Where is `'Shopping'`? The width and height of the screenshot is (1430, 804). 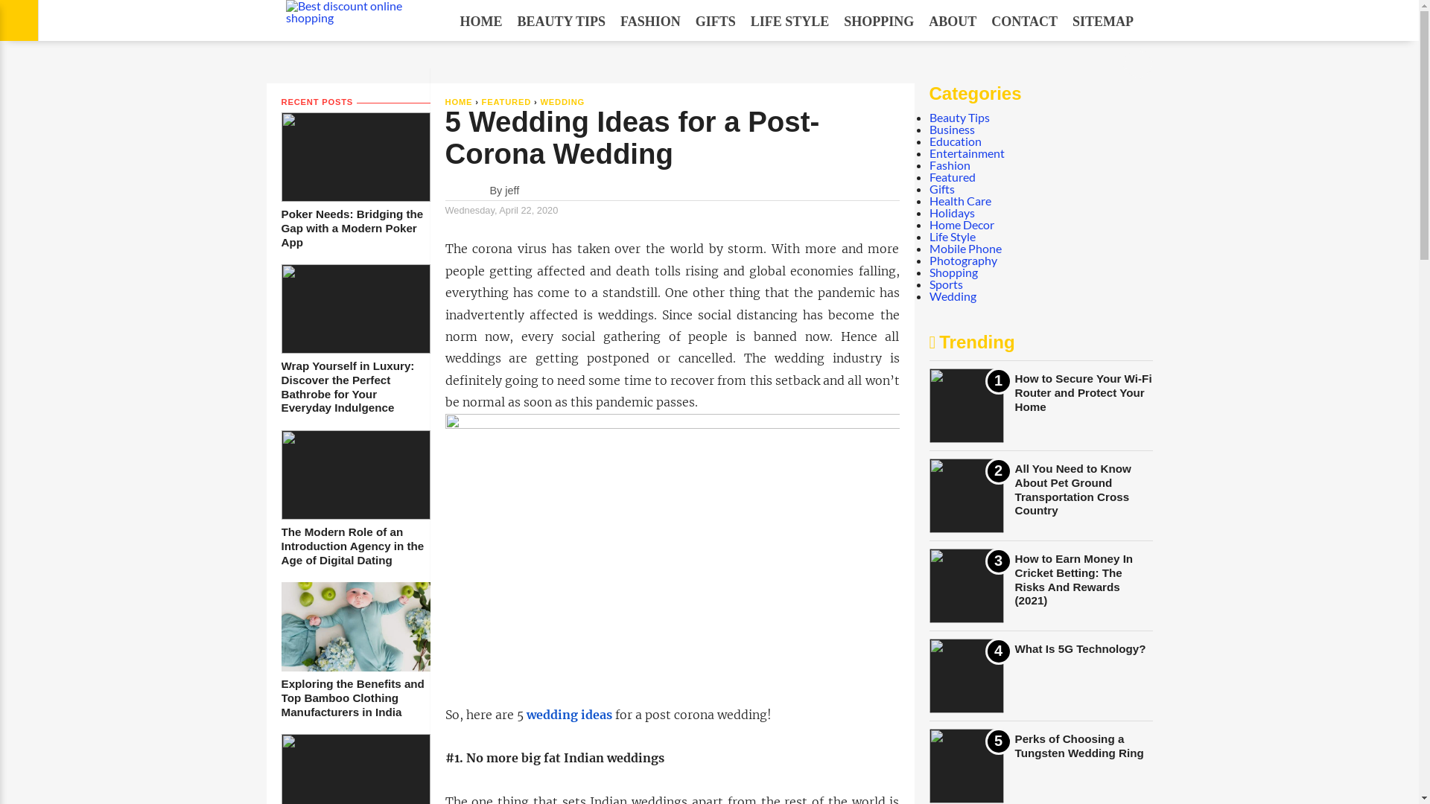
'Shopping' is located at coordinates (953, 272).